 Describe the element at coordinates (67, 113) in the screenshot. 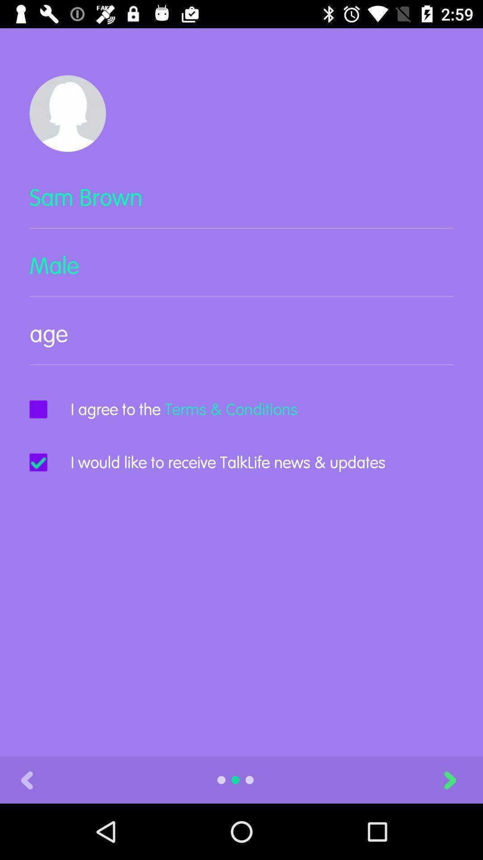

I see `the item above sam brown icon` at that location.